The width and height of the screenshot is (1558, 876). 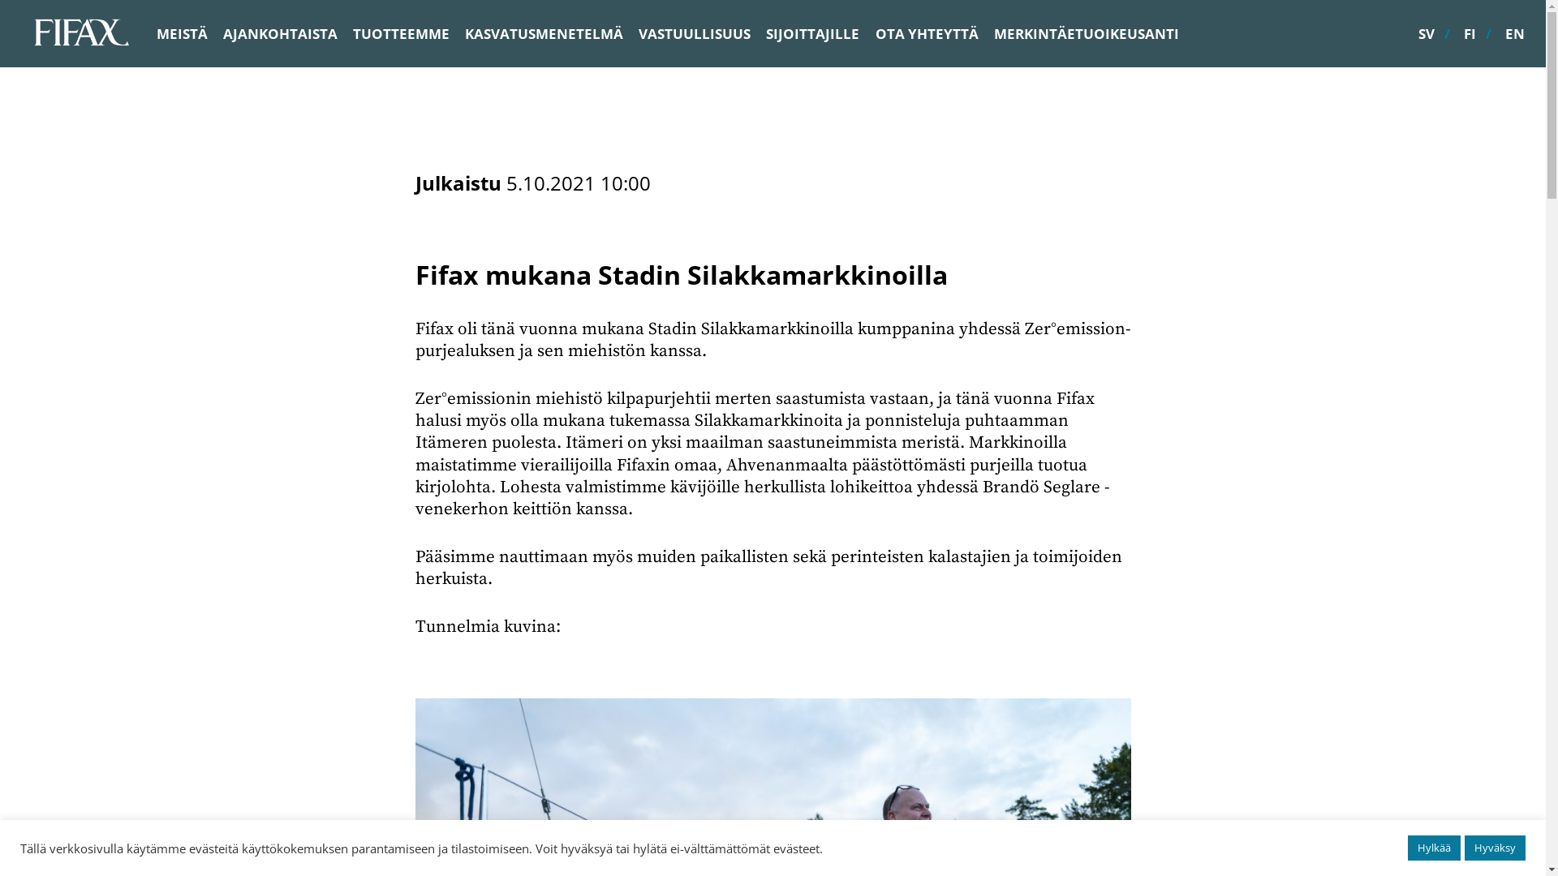 What do you see at coordinates (1470, 33) in the screenshot?
I see `'FI'` at bounding box center [1470, 33].